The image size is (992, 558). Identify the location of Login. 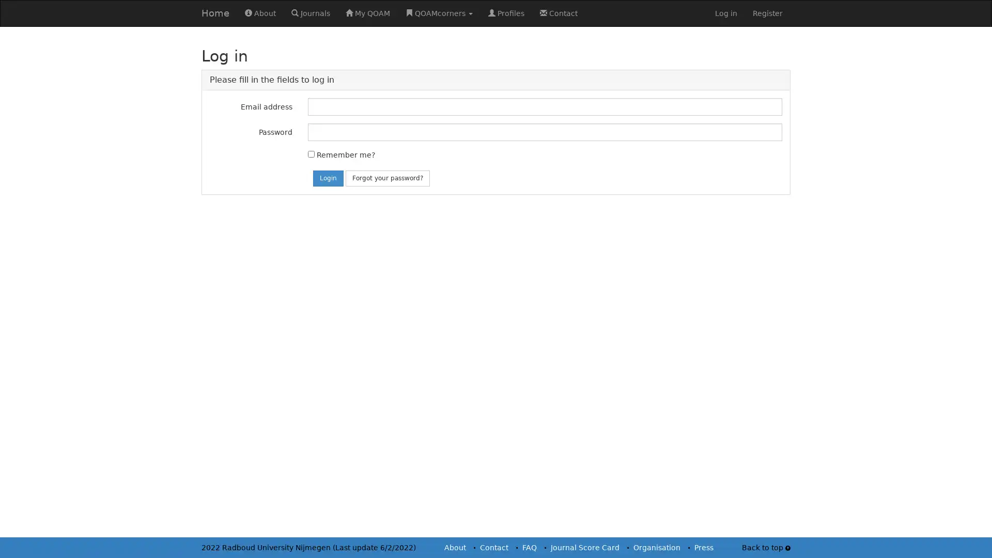
(327, 177).